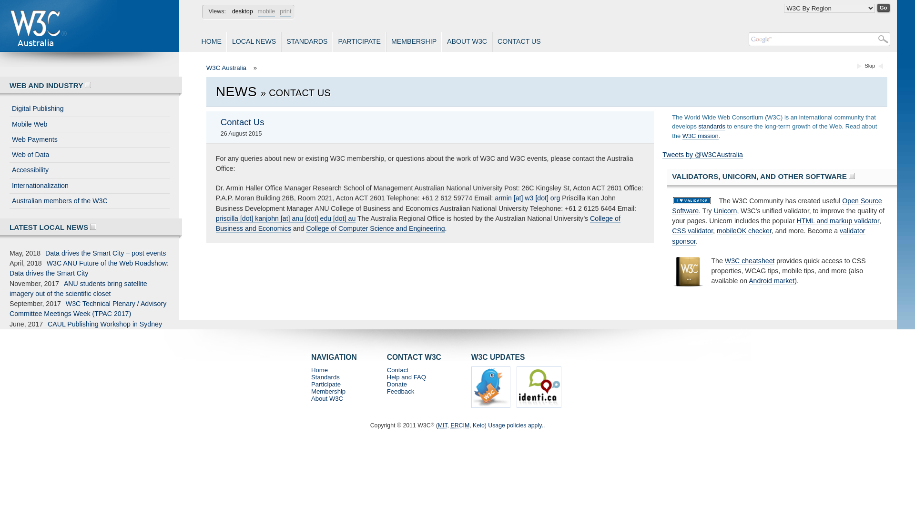  What do you see at coordinates (319, 369) in the screenshot?
I see `'Home'` at bounding box center [319, 369].